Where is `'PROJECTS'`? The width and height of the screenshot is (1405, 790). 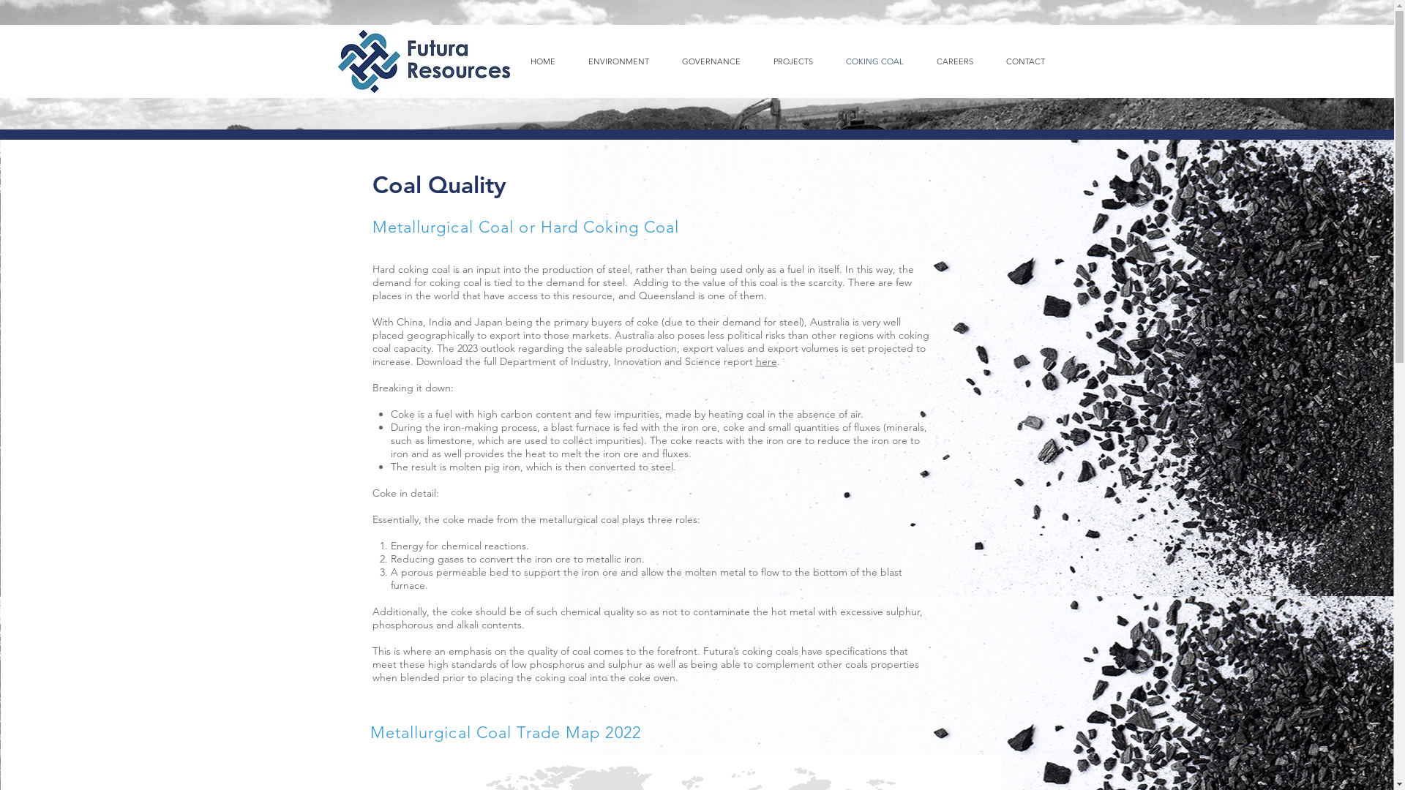
'PROJECTS' is located at coordinates (756, 61).